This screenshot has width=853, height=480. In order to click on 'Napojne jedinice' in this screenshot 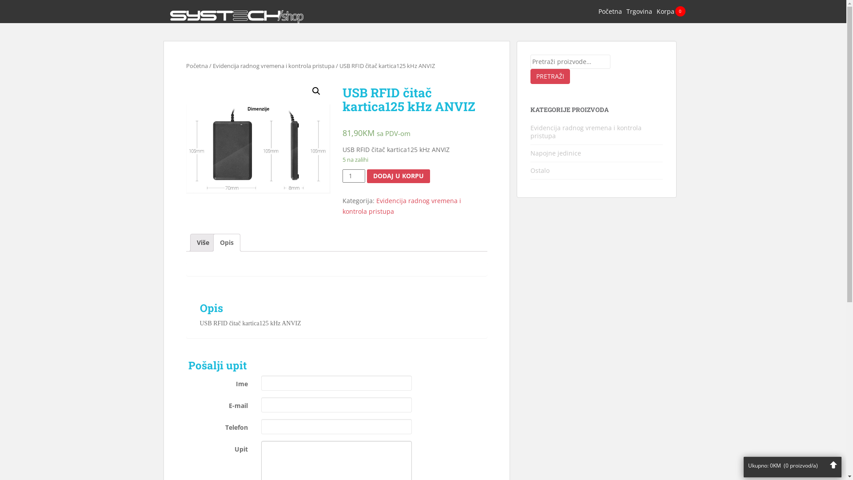, I will do `click(530, 152)`.